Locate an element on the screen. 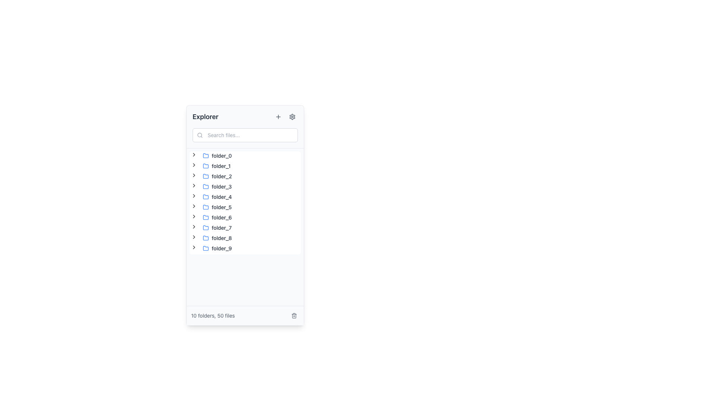 This screenshot has height=397, width=707. the folder icon labeled 'folder_7' in the Explorer panel is located at coordinates (205, 227).